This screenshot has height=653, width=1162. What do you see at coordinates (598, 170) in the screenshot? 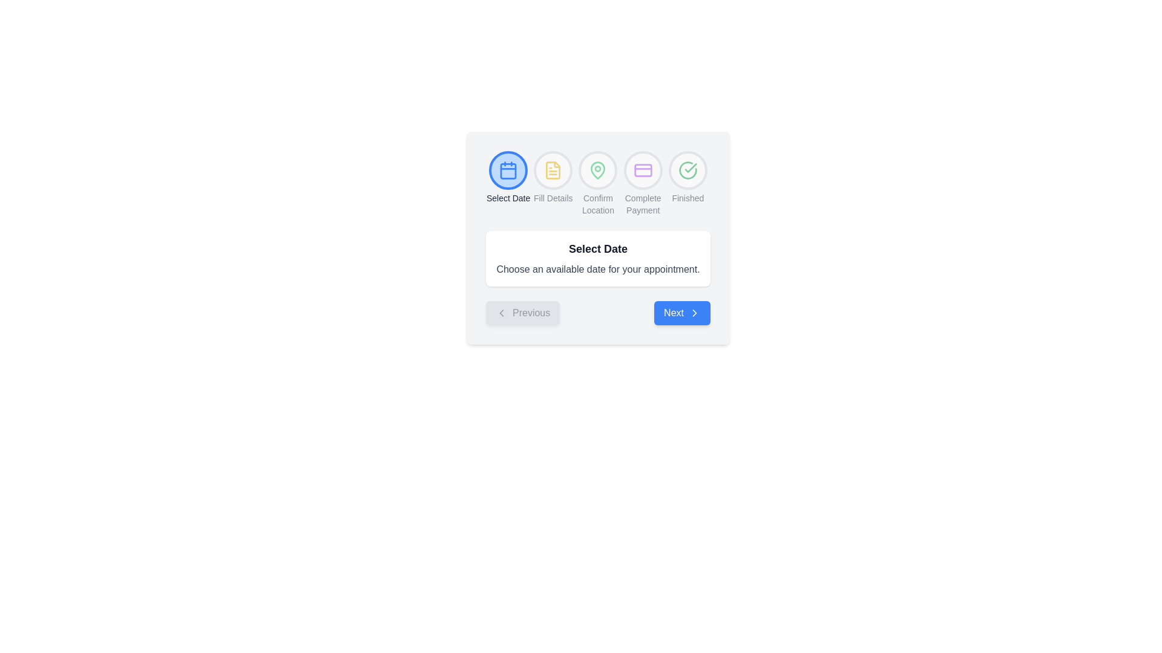
I see `the circular icon with a white background and green pin-shaped symbol, located below the 'Confirm Location' label` at bounding box center [598, 170].